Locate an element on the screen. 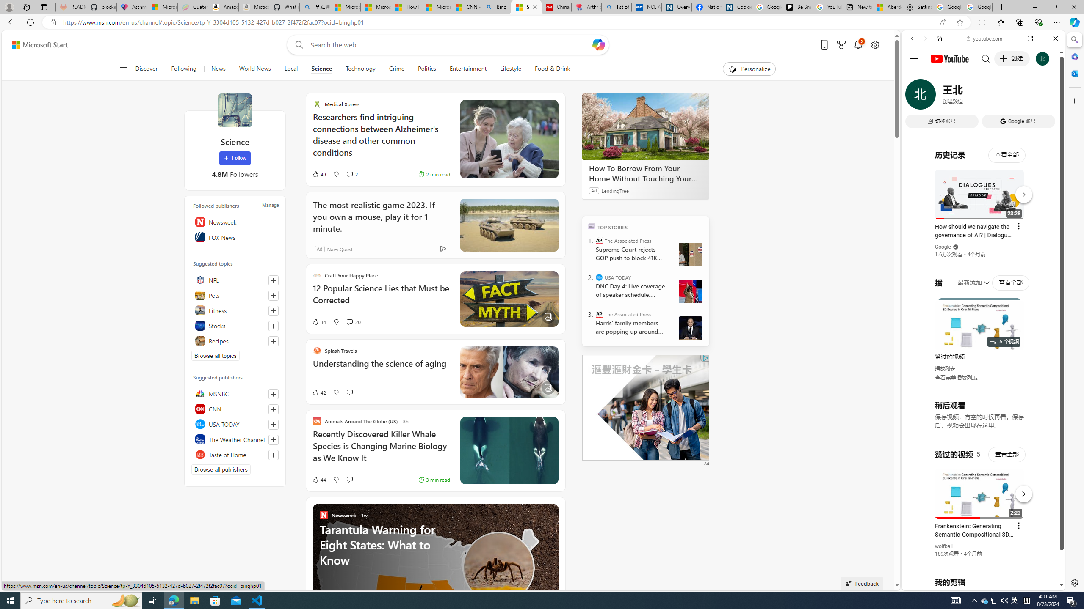 The image size is (1084, 609). 'Search Filter, IMAGES' is located at coordinates (940, 96).